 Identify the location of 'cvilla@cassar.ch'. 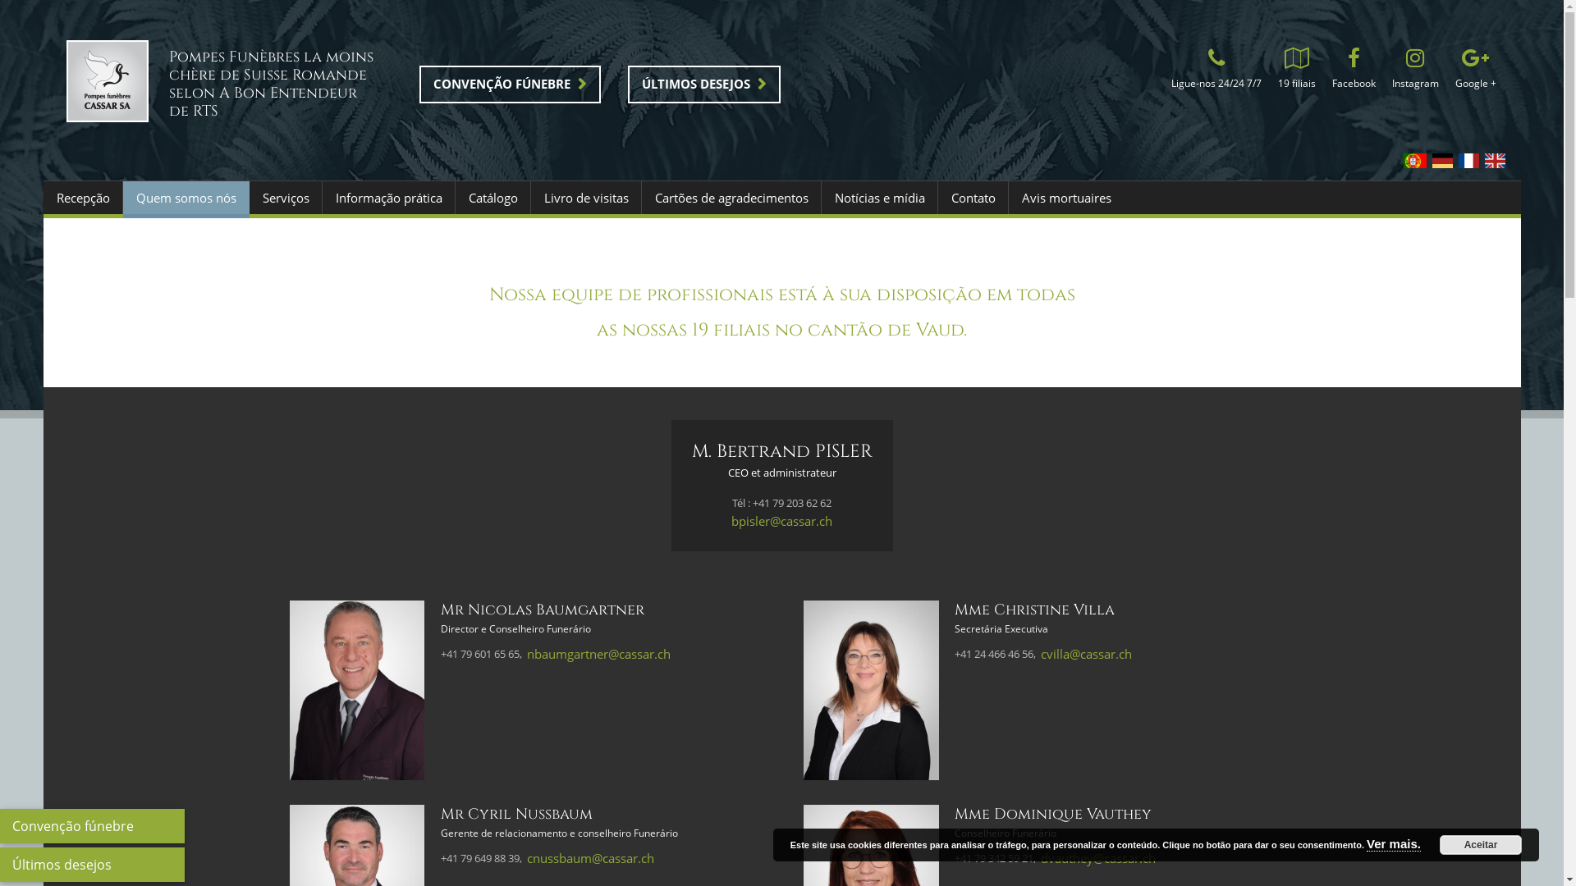
(1086, 653).